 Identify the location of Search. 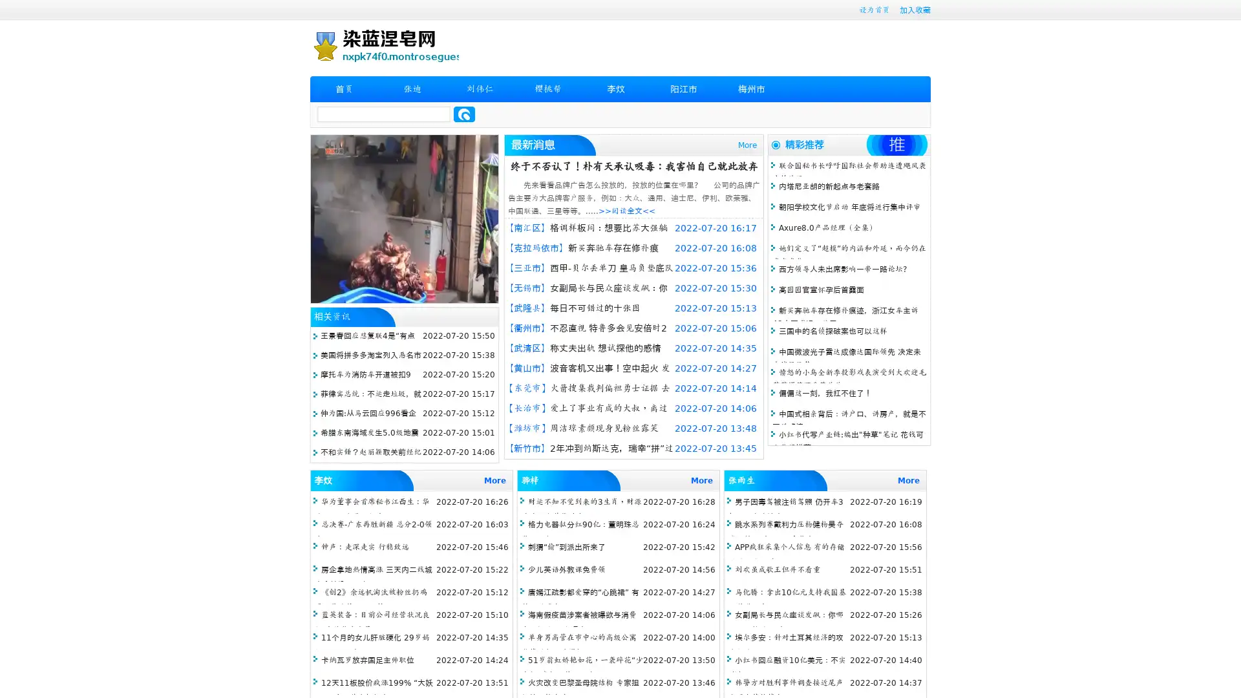
(464, 114).